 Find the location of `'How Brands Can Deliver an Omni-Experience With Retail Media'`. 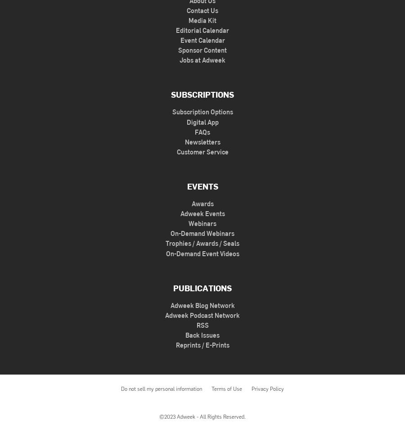

'How Brands Can Deliver an Omni-Experience With Retail Media' is located at coordinates (134, 255).